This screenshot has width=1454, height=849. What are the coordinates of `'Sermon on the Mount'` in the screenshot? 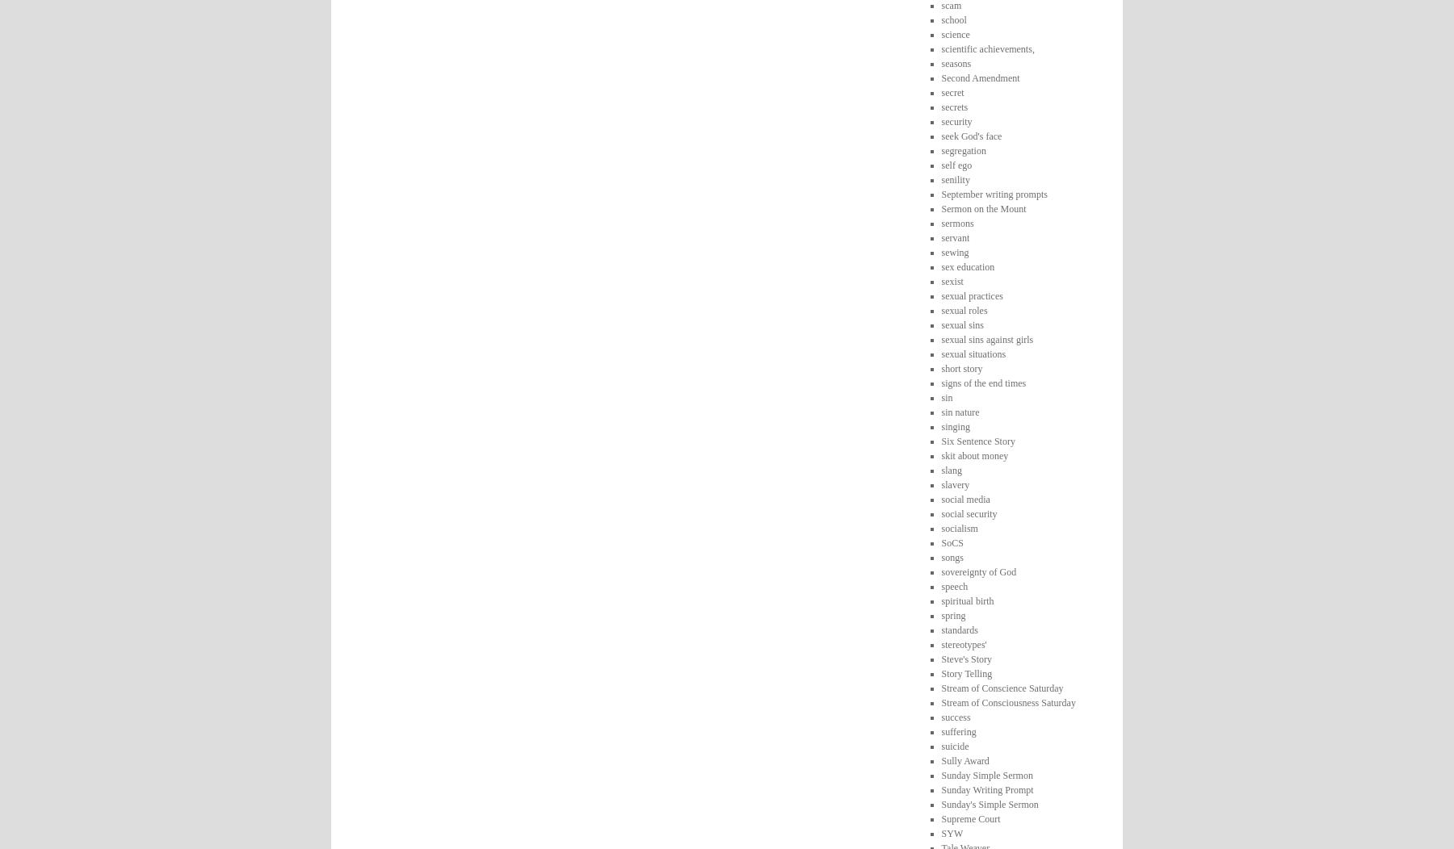 It's located at (982, 207).